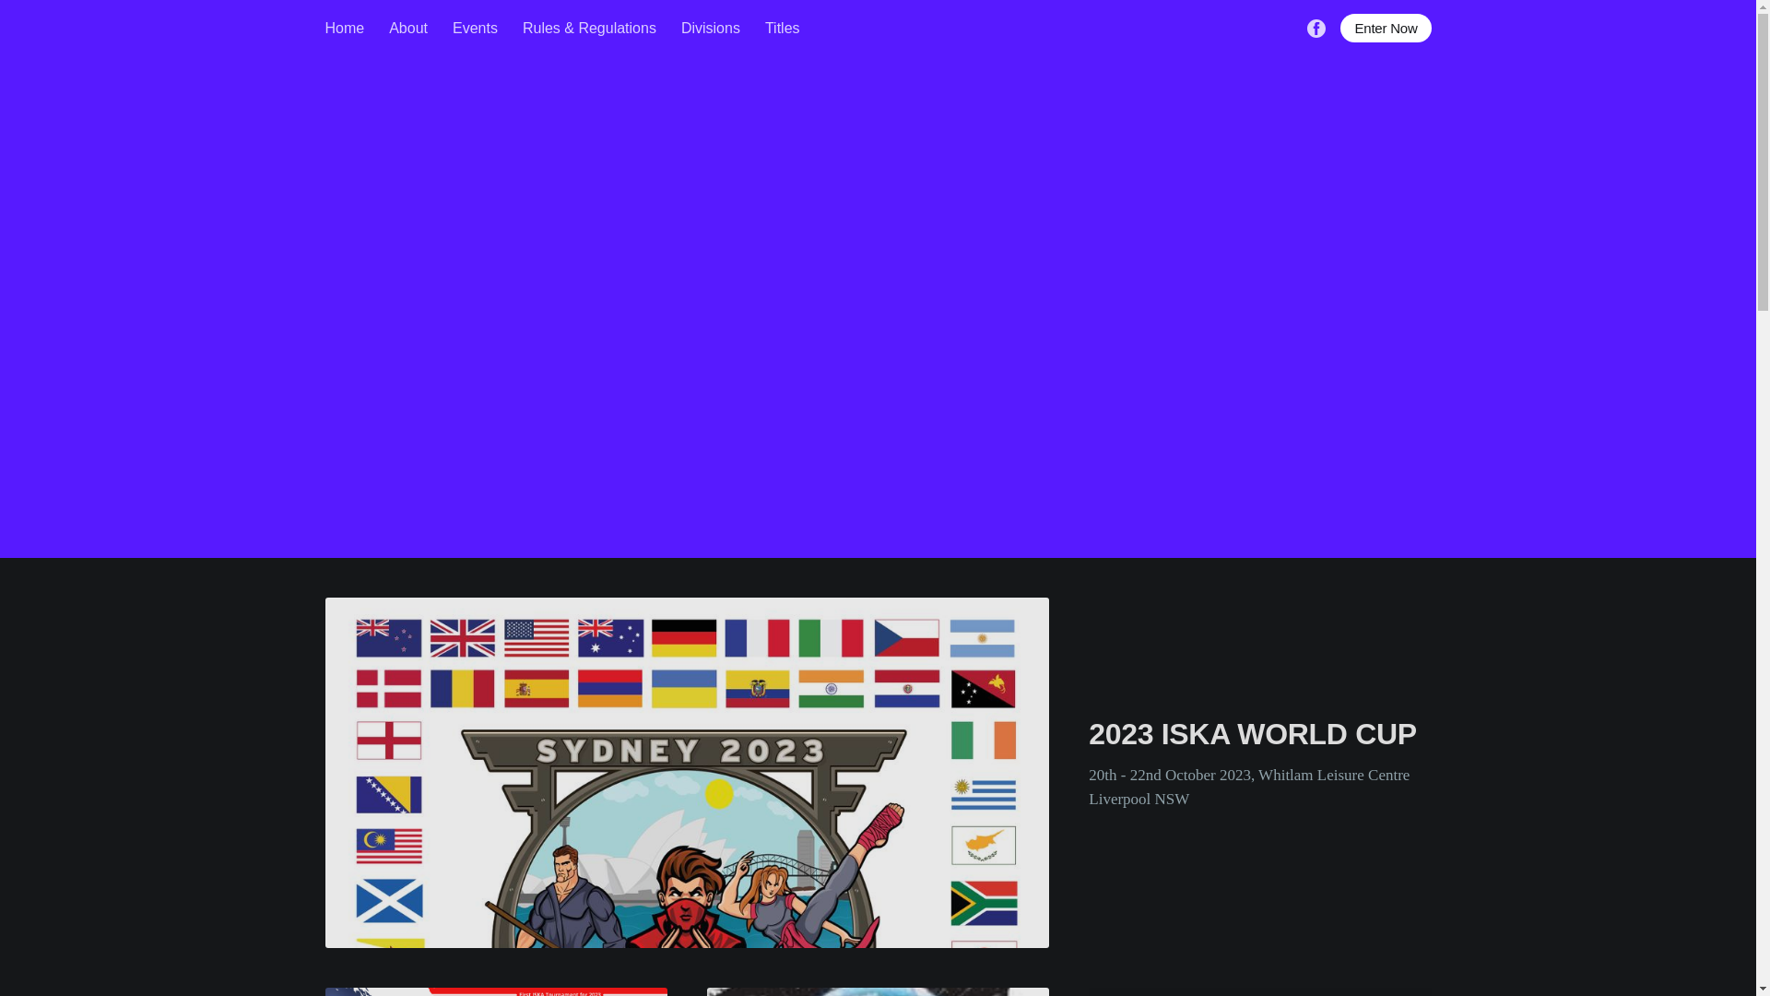  What do you see at coordinates (324, 28) in the screenshot?
I see `'Home'` at bounding box center [324, 28].